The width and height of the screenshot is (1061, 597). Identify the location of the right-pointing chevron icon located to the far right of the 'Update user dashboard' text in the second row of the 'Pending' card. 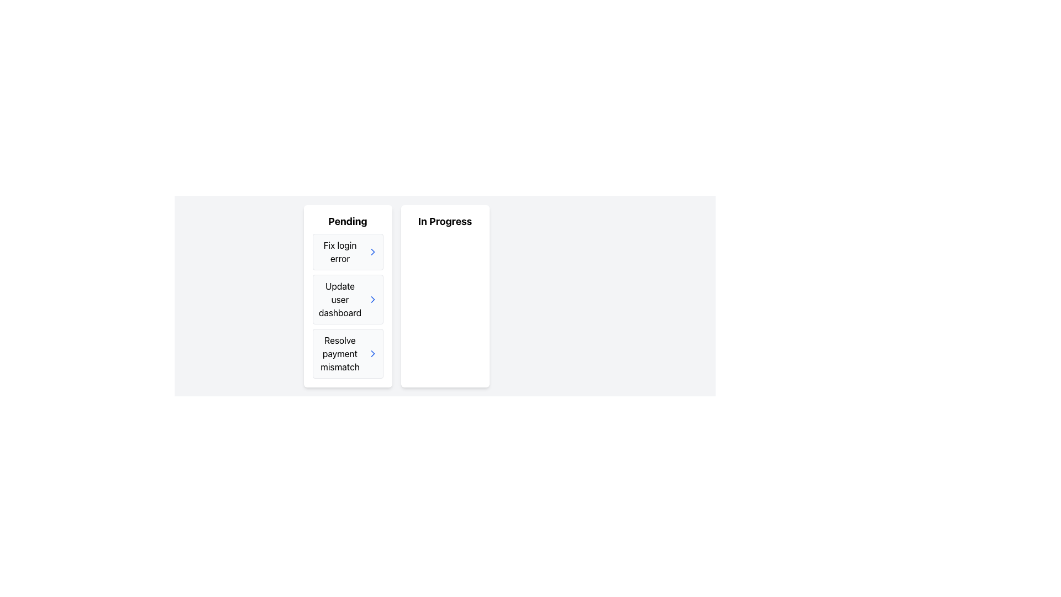
(372, 300).